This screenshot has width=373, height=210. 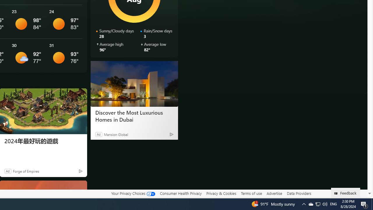 What do you see at coordinates (134, 84) in the screenshot?
I see `'Discover the Most Luxurious Homes in Dubai'` at bounding box center [134, 84].